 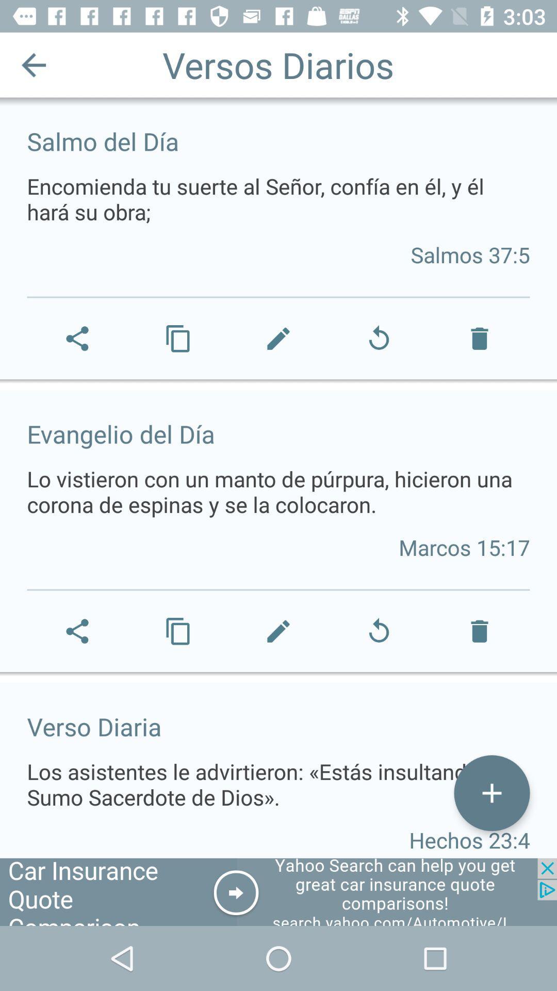 I want to click on follow advertisement link, so click(x=278, y=891).